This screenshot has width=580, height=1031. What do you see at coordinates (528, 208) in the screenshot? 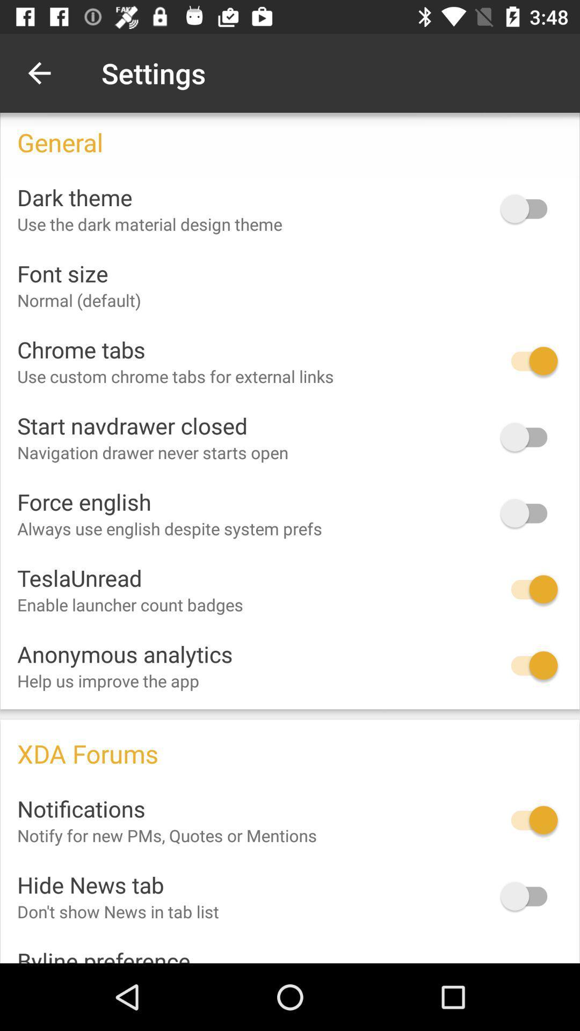
I see `turn on dark theme` at bounding box center [528, 208].